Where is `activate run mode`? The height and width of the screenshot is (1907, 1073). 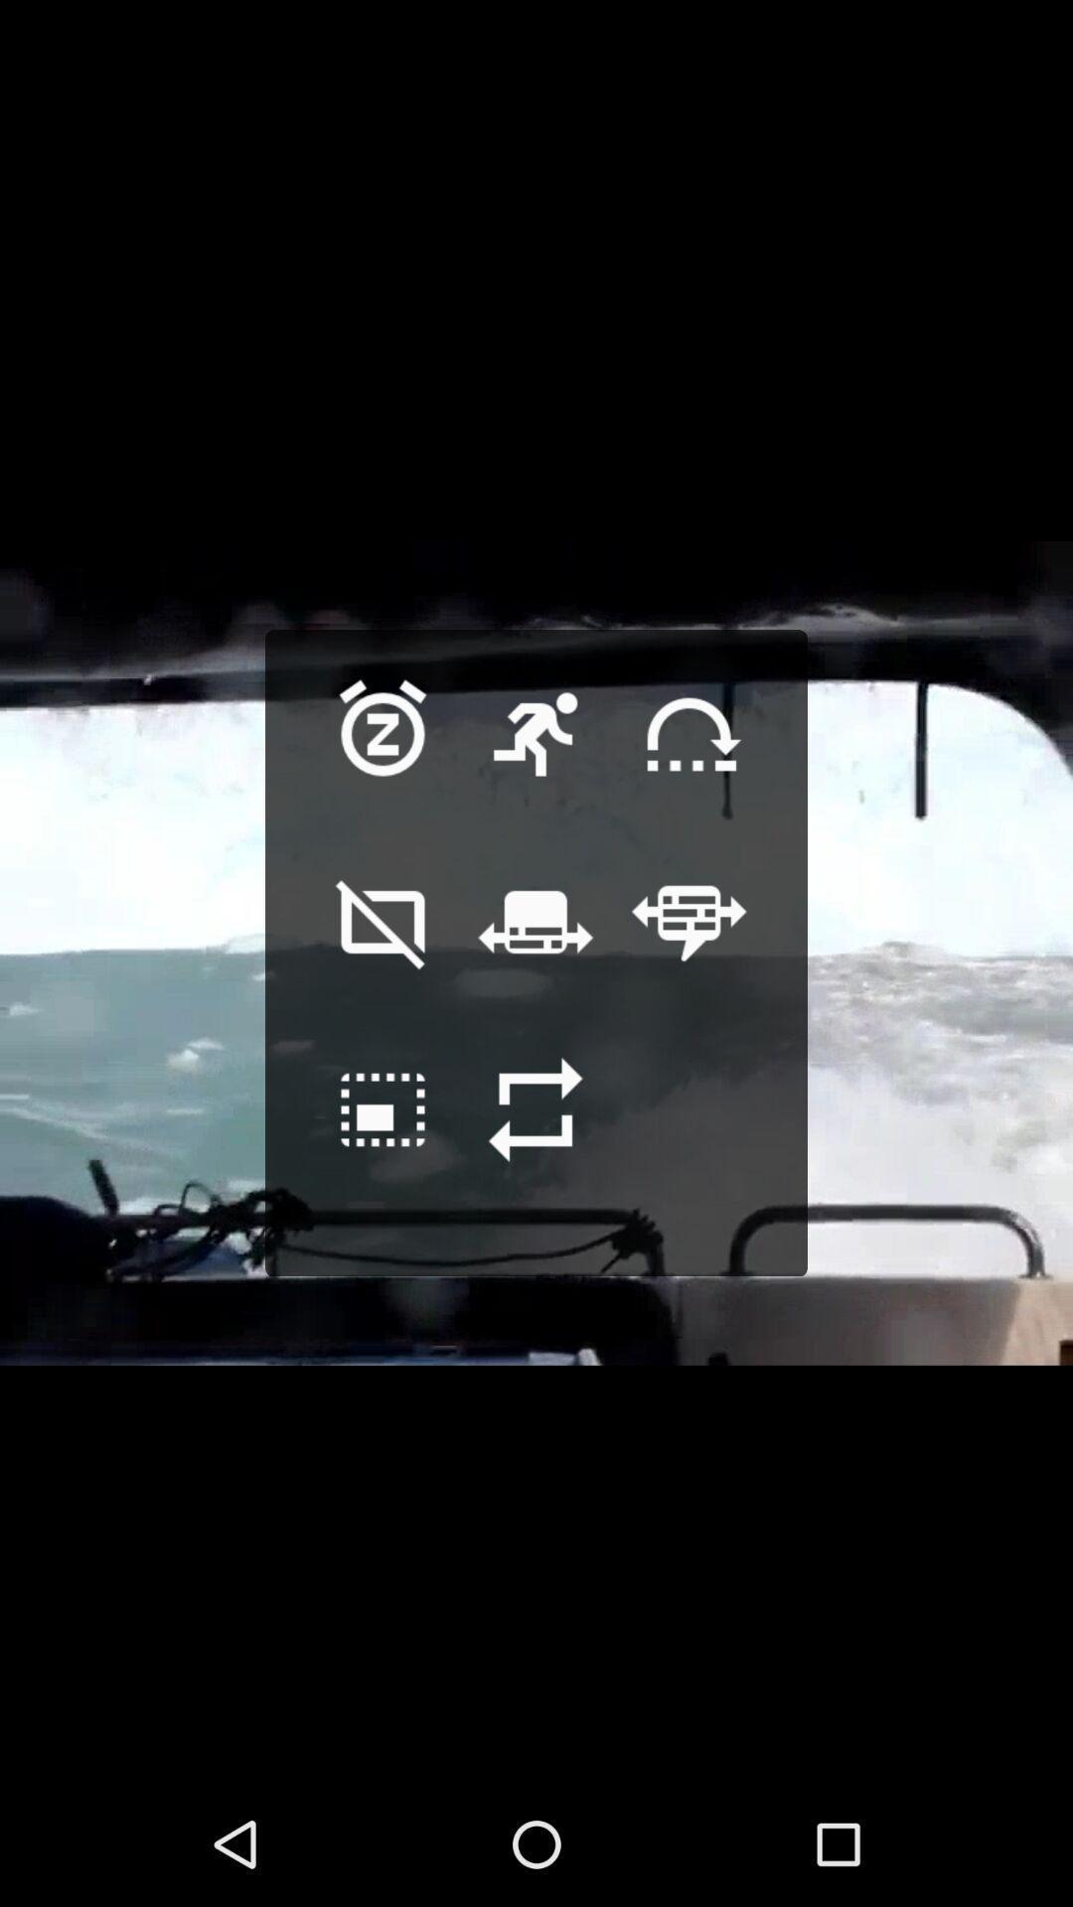
activate run mode is located at coordinates (535, 765).